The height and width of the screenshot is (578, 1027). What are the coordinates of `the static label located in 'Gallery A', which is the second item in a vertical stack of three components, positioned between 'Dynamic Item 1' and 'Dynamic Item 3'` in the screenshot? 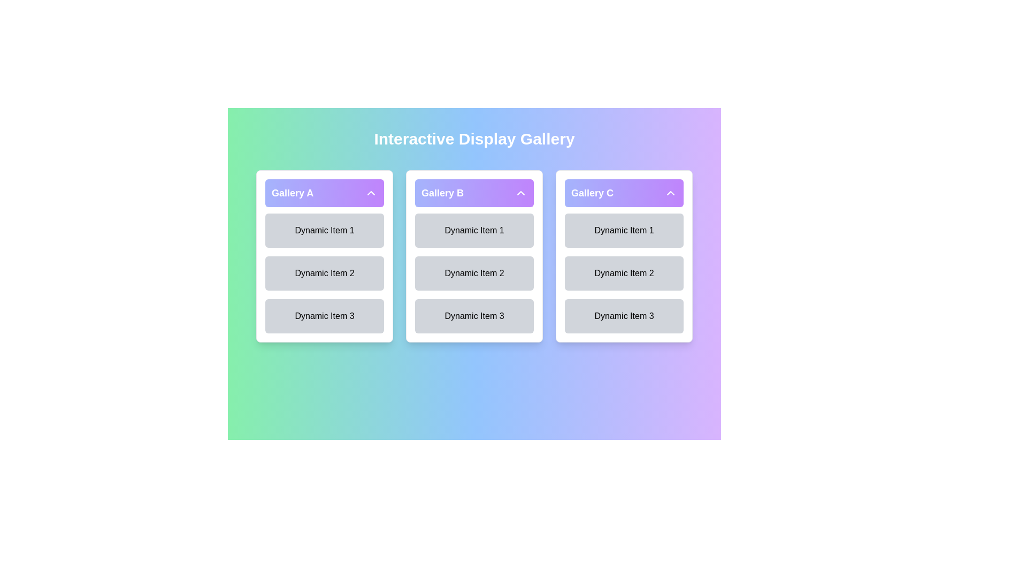 It's located at (324, 272).